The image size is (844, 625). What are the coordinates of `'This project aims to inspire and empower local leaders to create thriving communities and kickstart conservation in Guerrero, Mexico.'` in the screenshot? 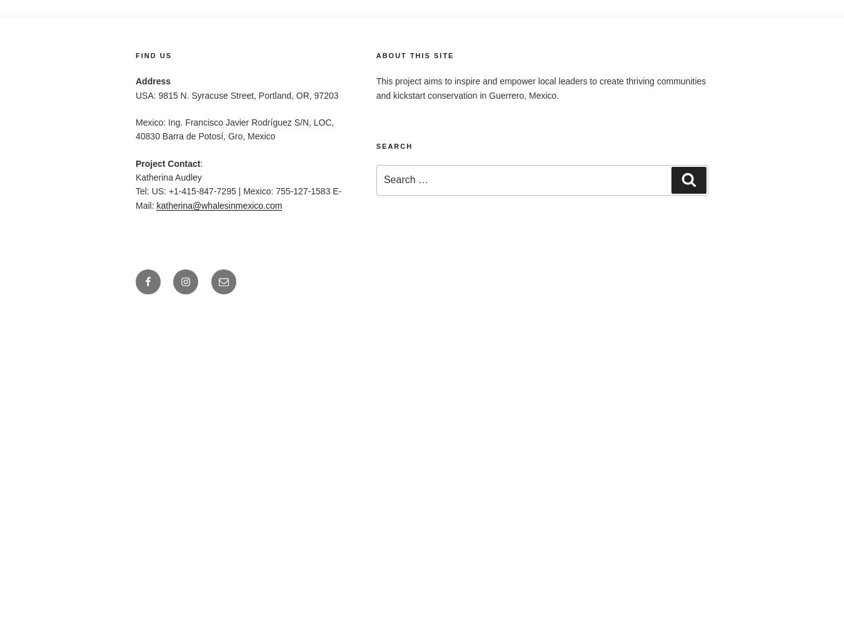 It's located at (540, 88).